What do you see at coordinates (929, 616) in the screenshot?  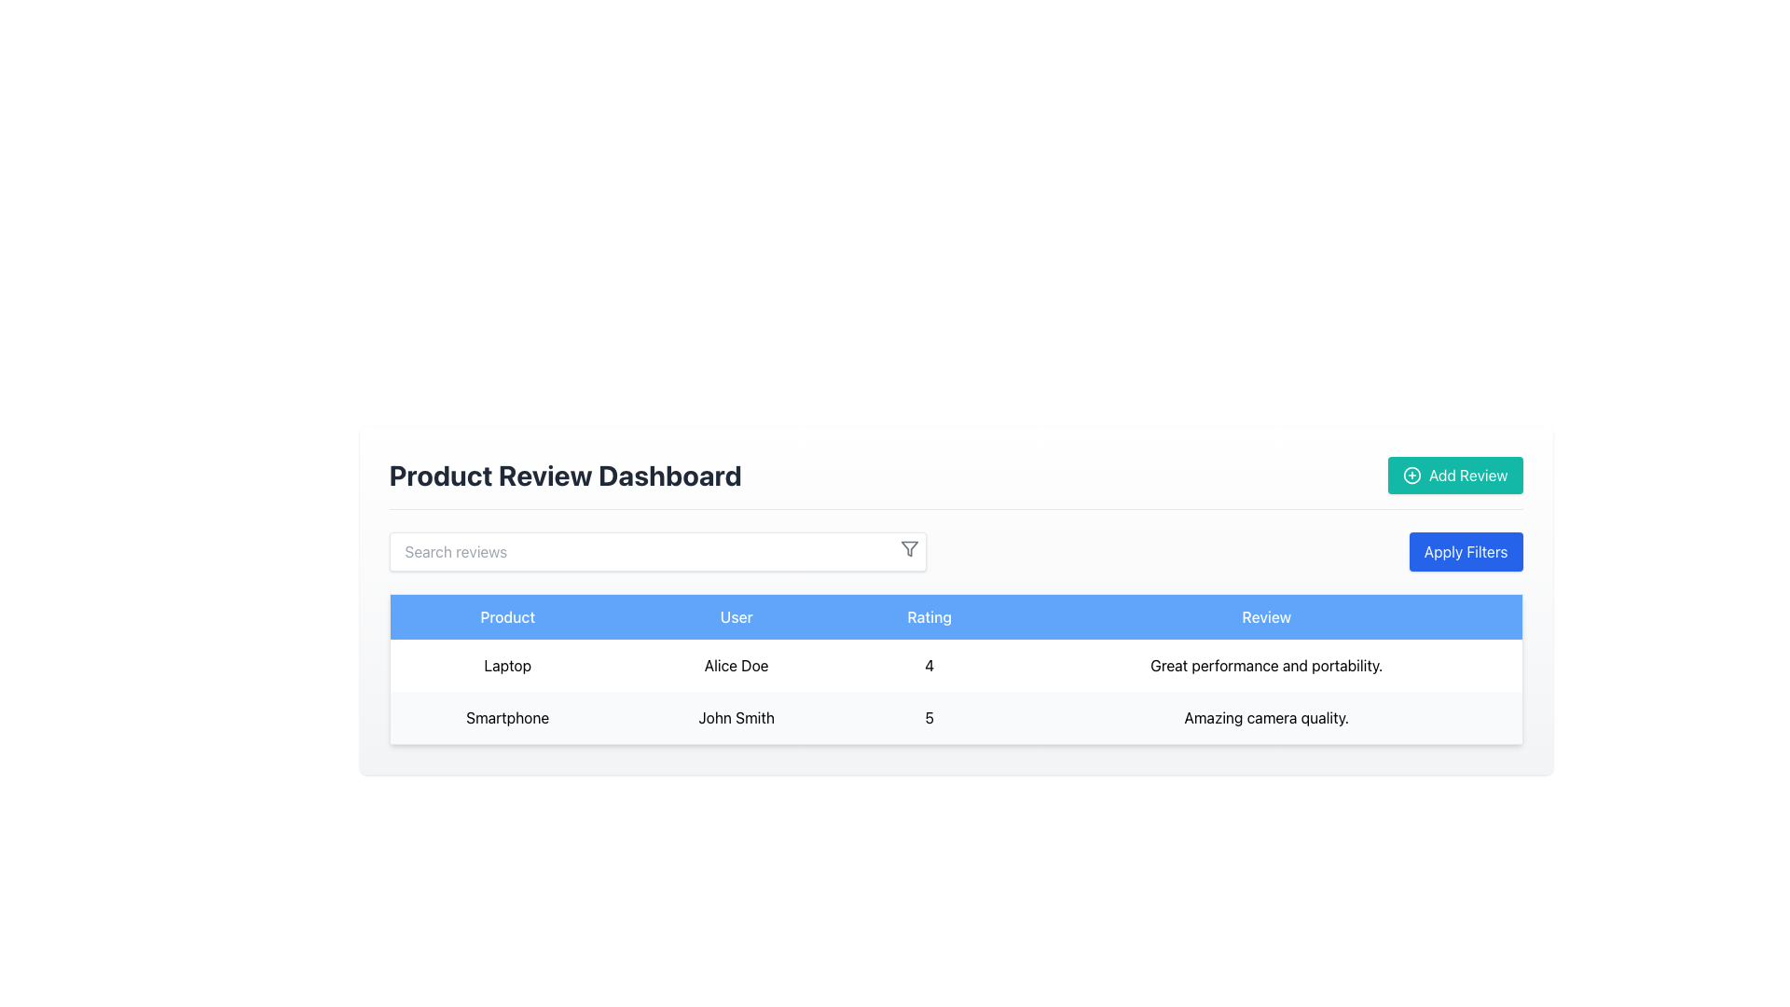 I see `the static text label in the third column header of the table, which indicates ratings for the reviewed data` at bounding box center [929, 616].